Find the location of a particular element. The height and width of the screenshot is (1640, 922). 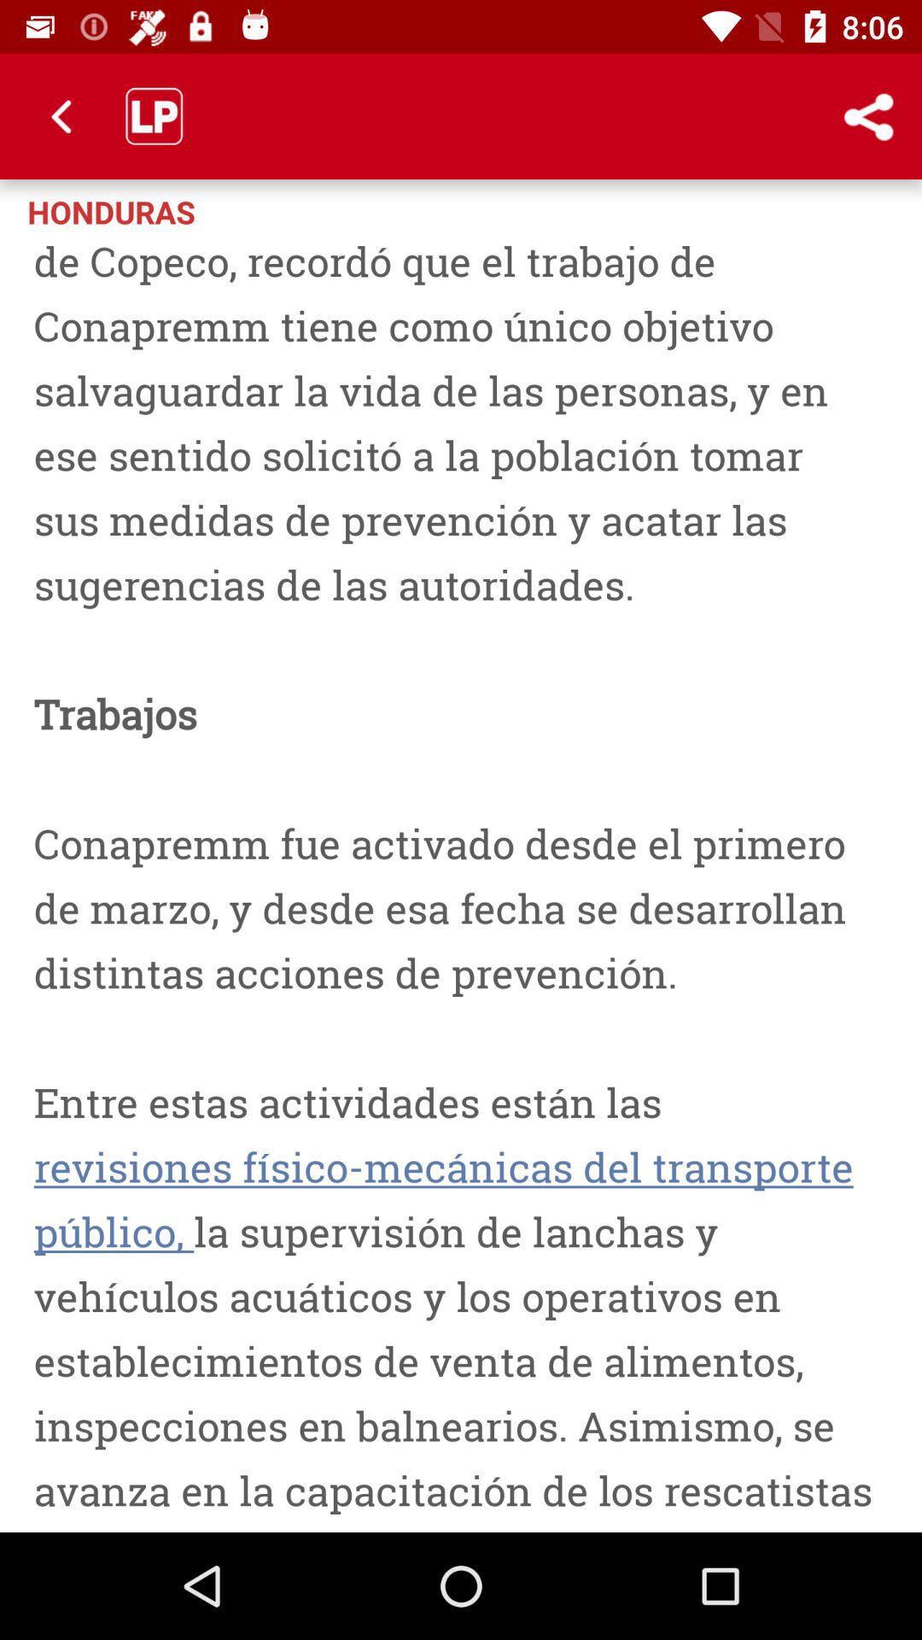

the icon to the right of honduras is located at coordinates (868, 115).